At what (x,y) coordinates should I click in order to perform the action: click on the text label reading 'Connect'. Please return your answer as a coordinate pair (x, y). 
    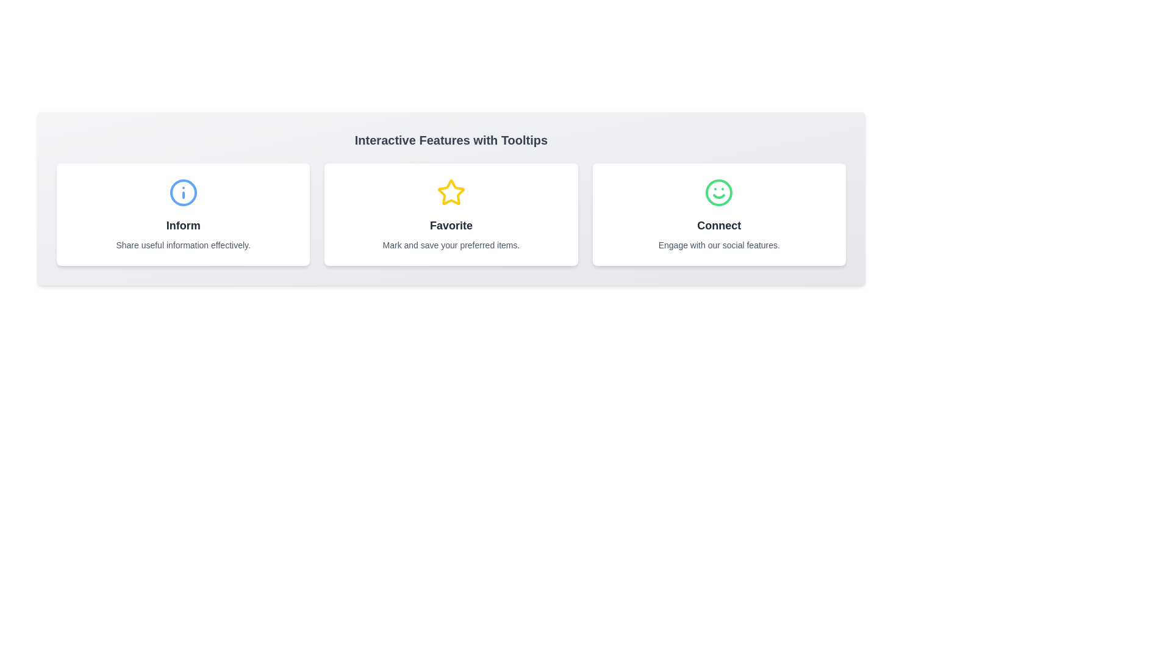
    Looking at the image, I should click on (719, 226).